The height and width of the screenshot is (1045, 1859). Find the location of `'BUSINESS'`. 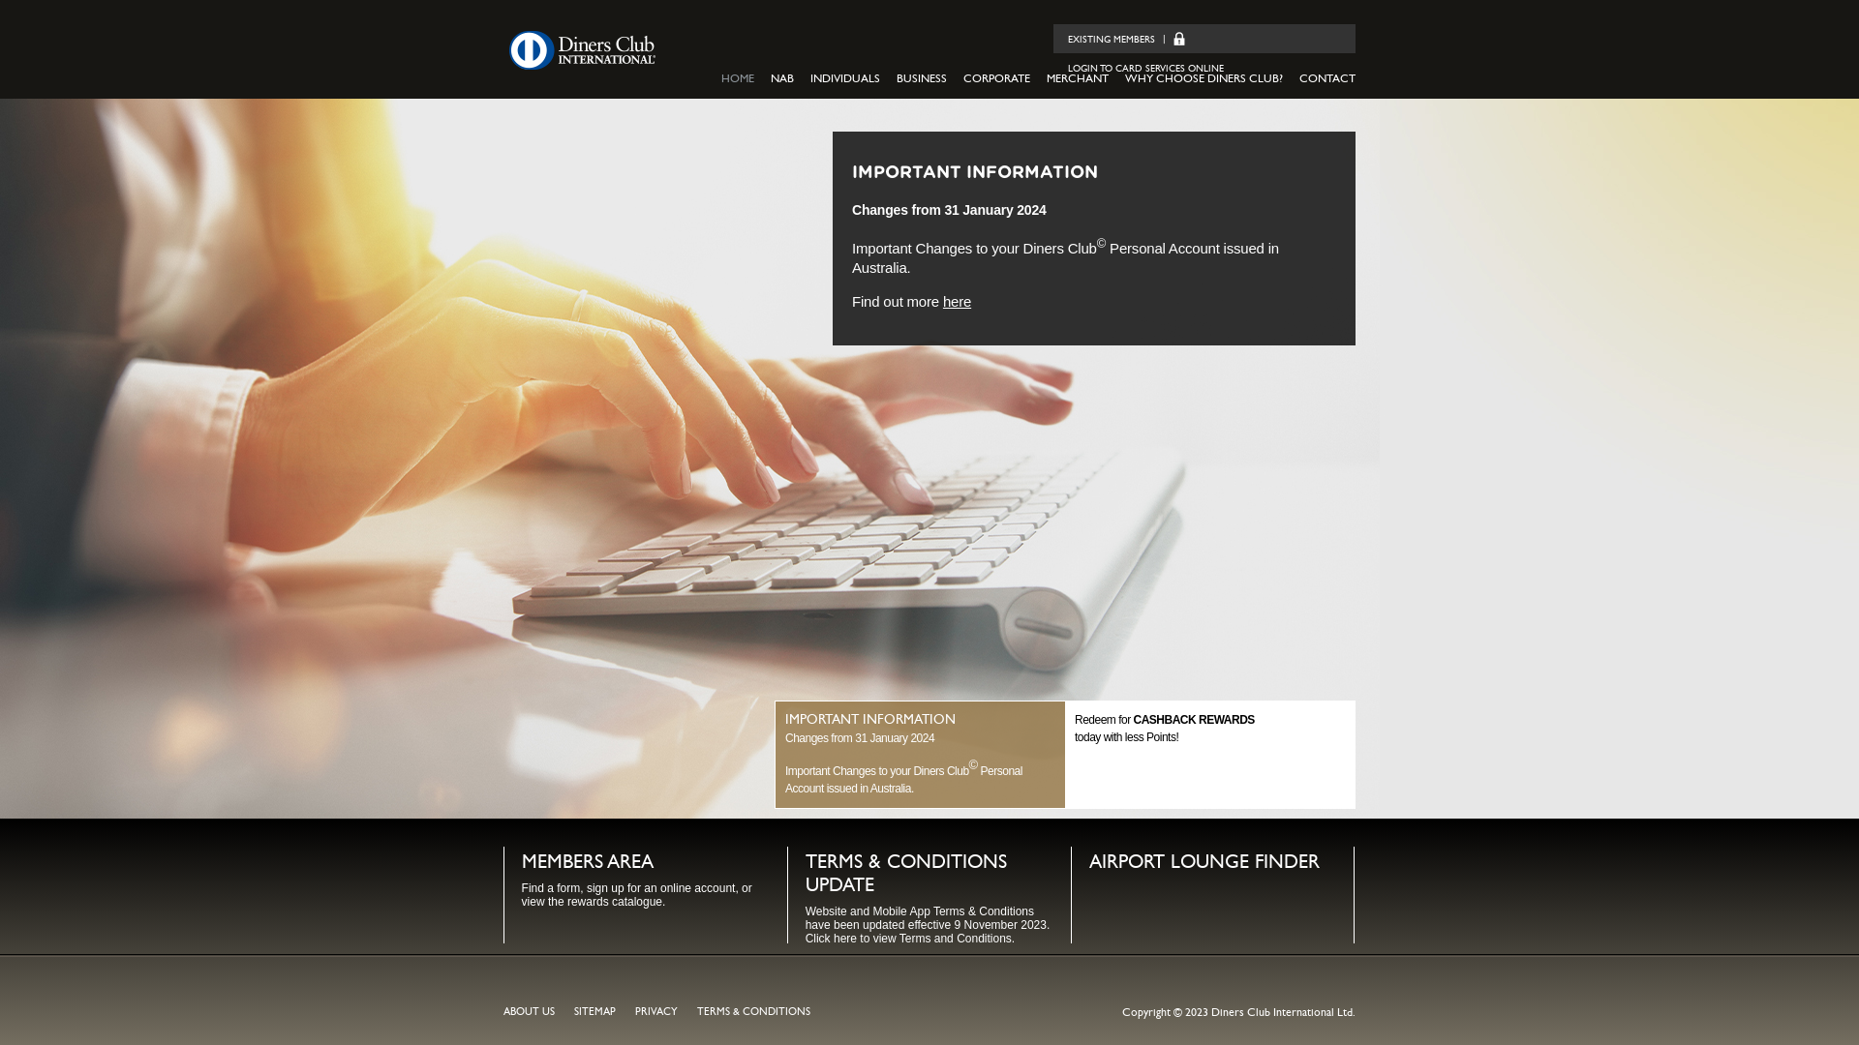

'BUSINESS' is located at coordinates (920, 77).